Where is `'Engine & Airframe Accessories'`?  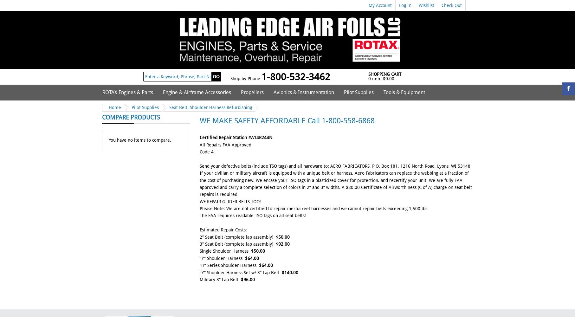
'Engine & Airframe Accessories' is located at coordinates (163, 92).